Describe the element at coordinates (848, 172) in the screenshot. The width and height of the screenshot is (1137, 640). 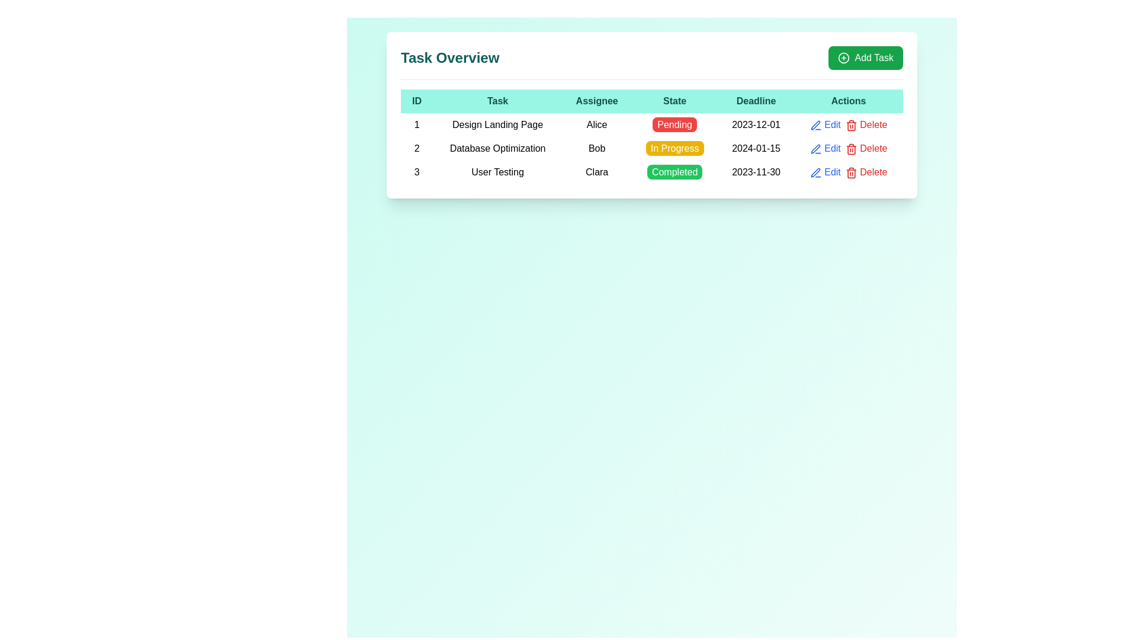
I see `the interactive text links labeled 'Edit' and 'Delete' associated with the task 'User Testing' located in the last cell of the Actions column in the data table` at that location.